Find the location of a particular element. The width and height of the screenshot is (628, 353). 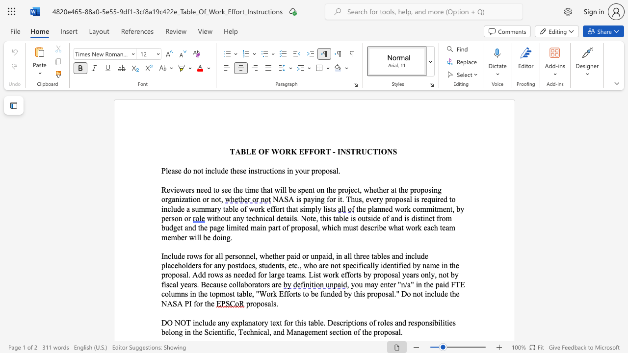

the subset text "nned" within the text "the planned work commitment, by person or" is located at coordinates (377, 208).